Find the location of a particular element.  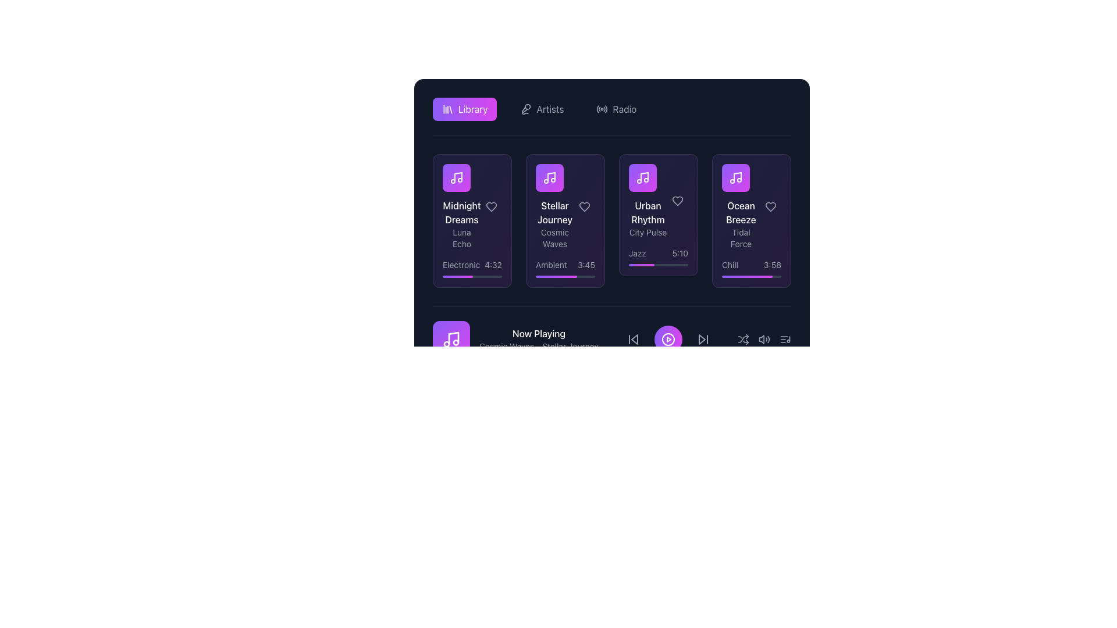

the favorite icon located in the top right corner of the card titled 'Ocean Breeze' is located at coordinates (770, 206).